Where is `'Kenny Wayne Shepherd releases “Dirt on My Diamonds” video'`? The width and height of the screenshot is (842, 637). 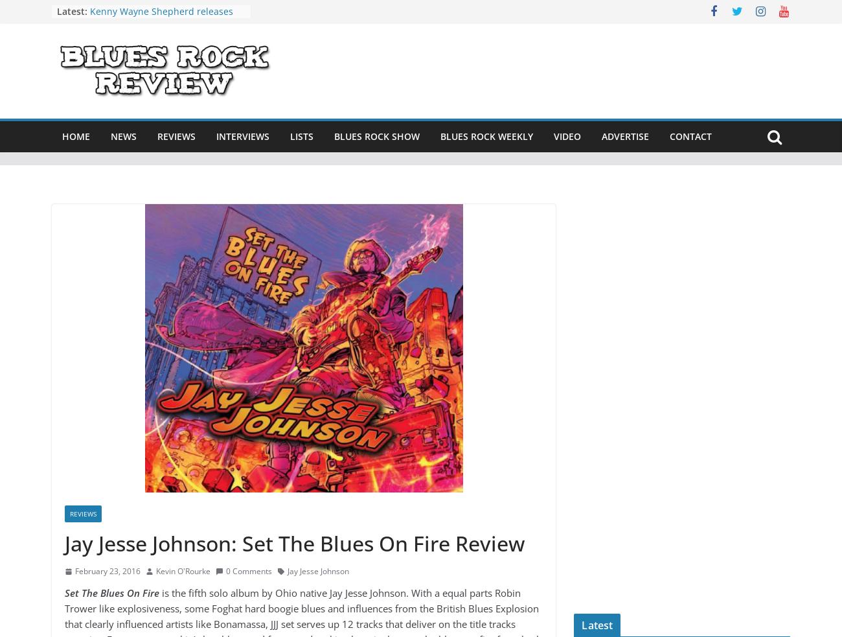
'Kenny Wayne Shepherd releases “Dirt on My Diamonds” video' is located at coordinates (161, 17).